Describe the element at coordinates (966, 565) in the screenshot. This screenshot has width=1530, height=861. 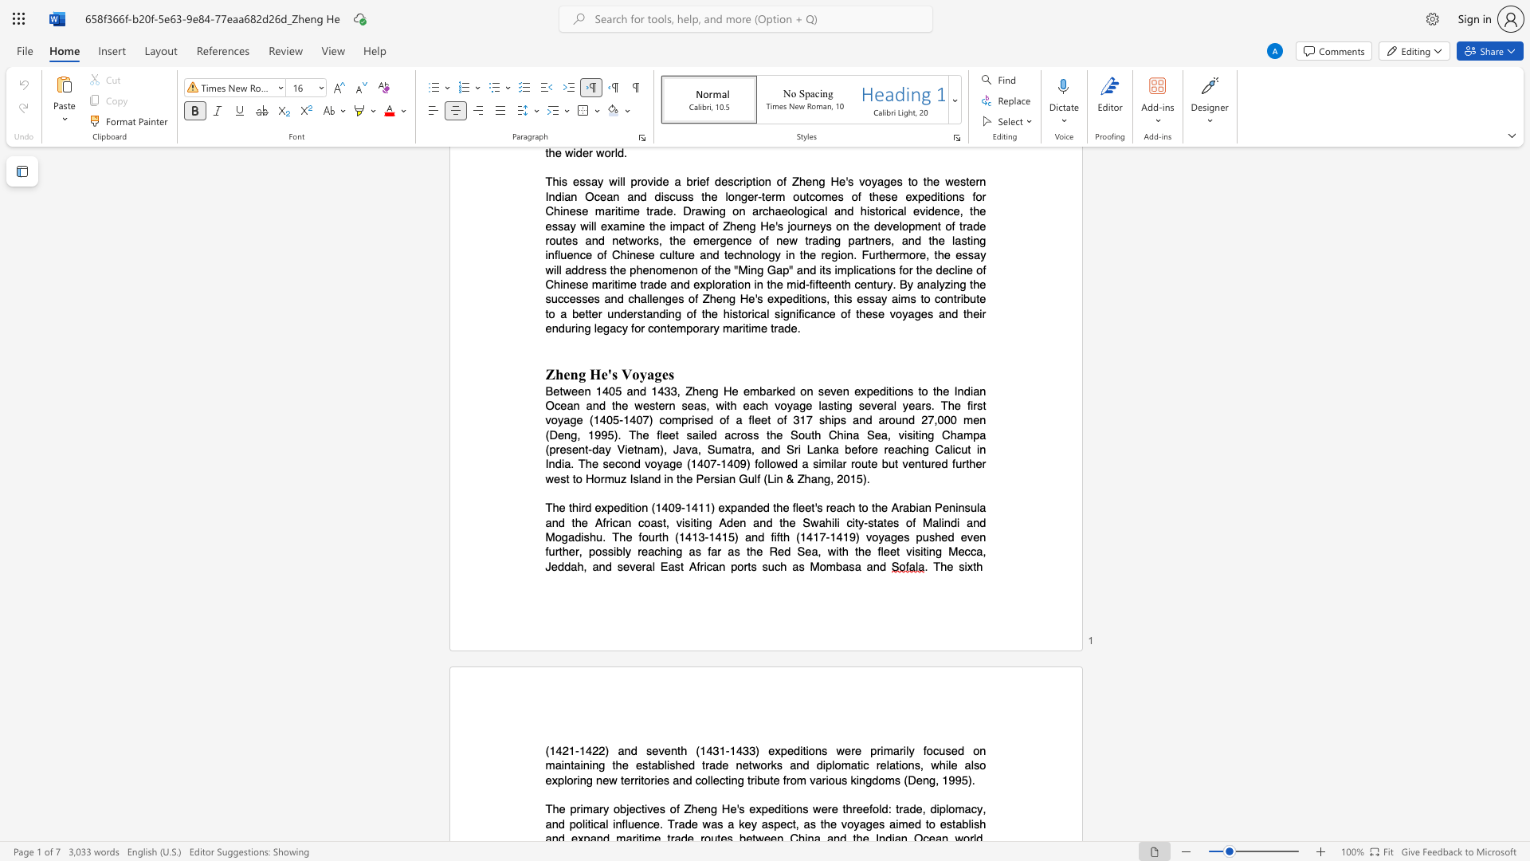
I see `the subset text "xth" within the text ". The sixth"` at that location.